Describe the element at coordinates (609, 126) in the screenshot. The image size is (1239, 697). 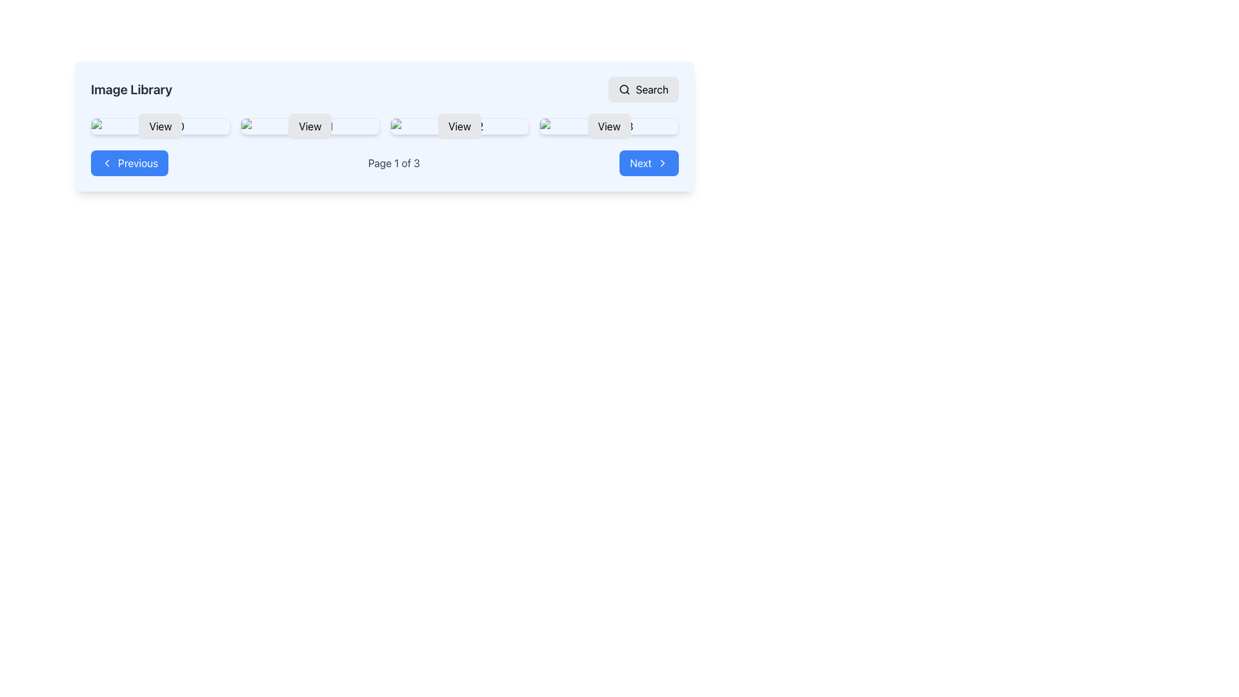
I see `the 'View' button, which is a rectangular button with rounded edges and a light gray background` at that location.